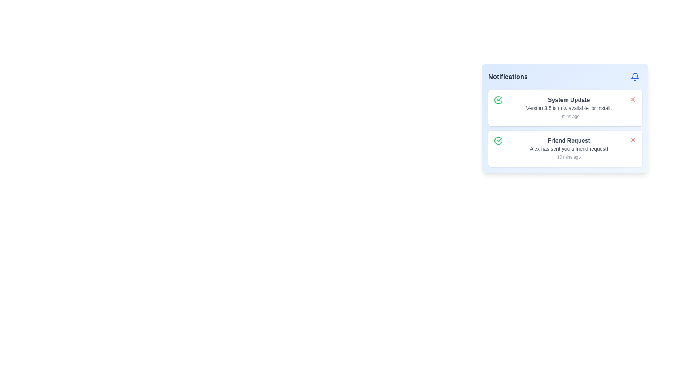 Image resolution: width=696 pixels, height=392 pixels. What do you see at coordinates (565, 108) in the screenshot?
I see `the Notification card at the top of the list` at bounding box center [565, 108].